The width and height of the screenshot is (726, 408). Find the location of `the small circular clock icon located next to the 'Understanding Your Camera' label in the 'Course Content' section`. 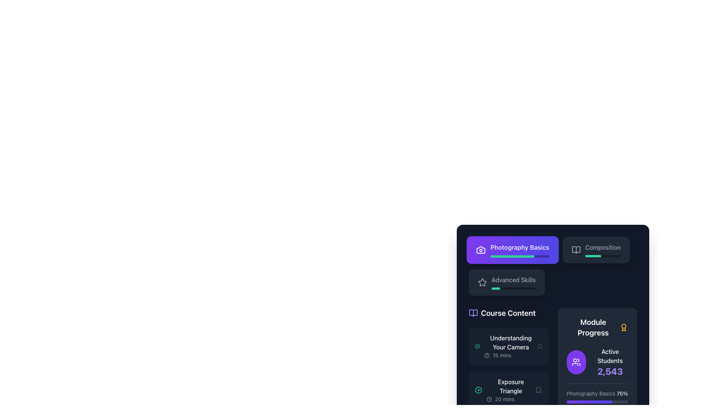

the small circular clock icon located next to the 'Understanding Your Camera' label in the 'Course Content' section is located at coordinates (487, 355).